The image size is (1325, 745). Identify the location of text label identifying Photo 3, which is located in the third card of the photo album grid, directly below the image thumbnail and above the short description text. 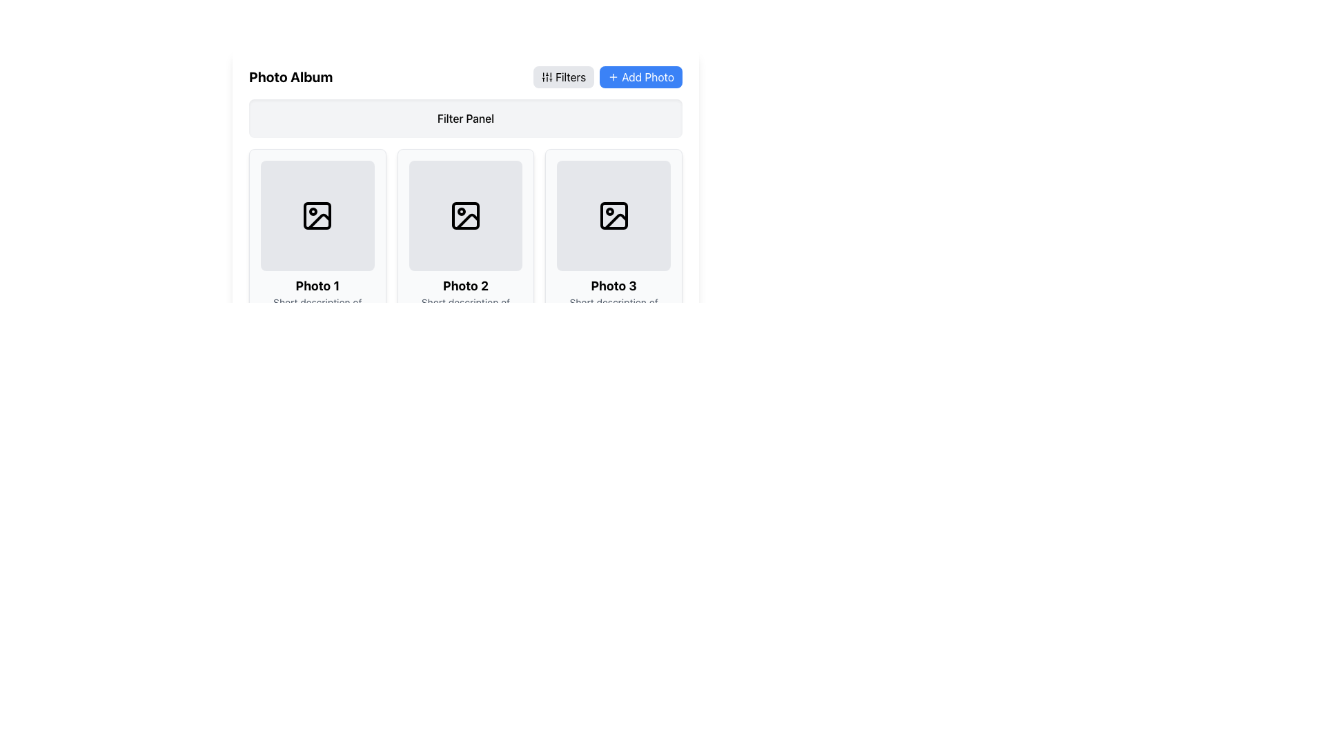
(613, 286).